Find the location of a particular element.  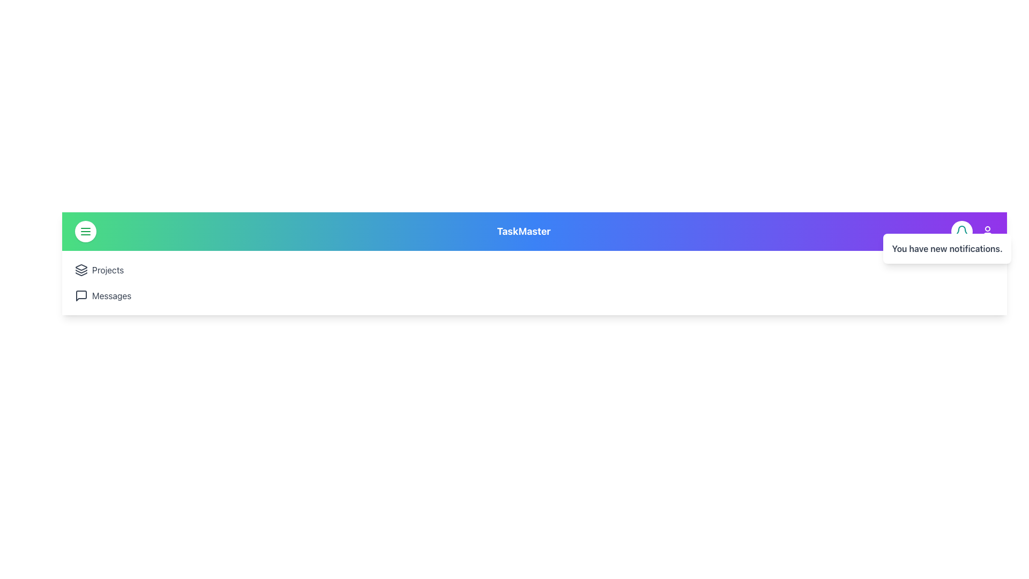

the branding label that indicates the name of the application, centrally located within the application header is located at coordinates (524, 231).